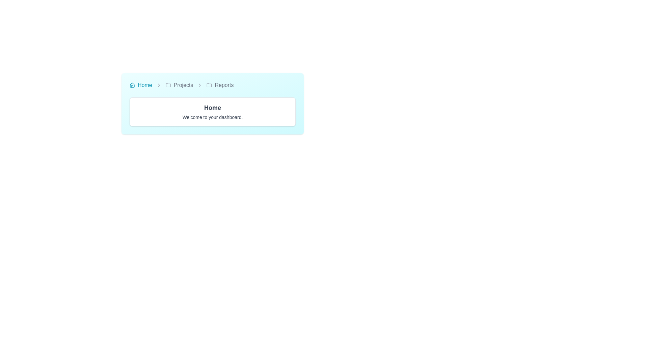 Image resolution: width=648 pixels, height=364 pixels. I want to click on the rightward chevron icon in the breadcrumb navigation bar, which is located between 'Projects' and 'Reports' labels in the header section, so click(199, 85).